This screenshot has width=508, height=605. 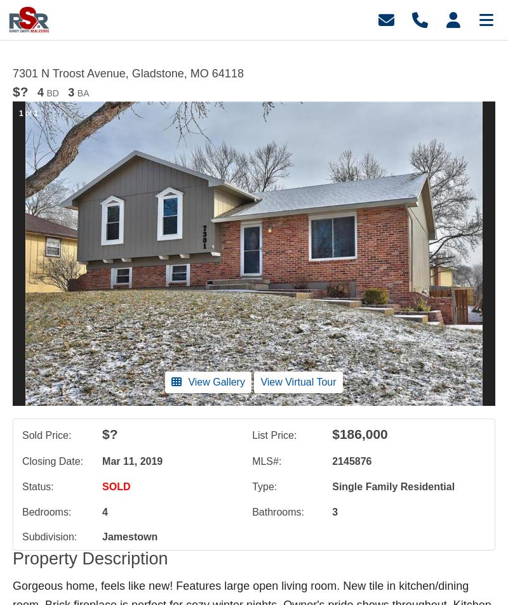 I want to click on 'Jamestown', so click(x=102, y=537).